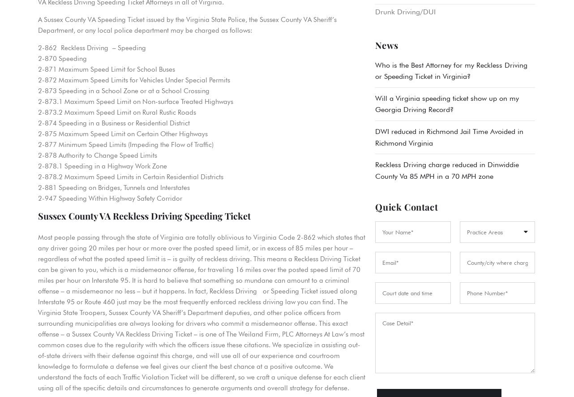  What do you see at coordinates (131, 177) in the screenshot?
I see `'2-878.2 Maximum Speed Limits in Certain Residential Districts'` at bounding box center [131, 177].